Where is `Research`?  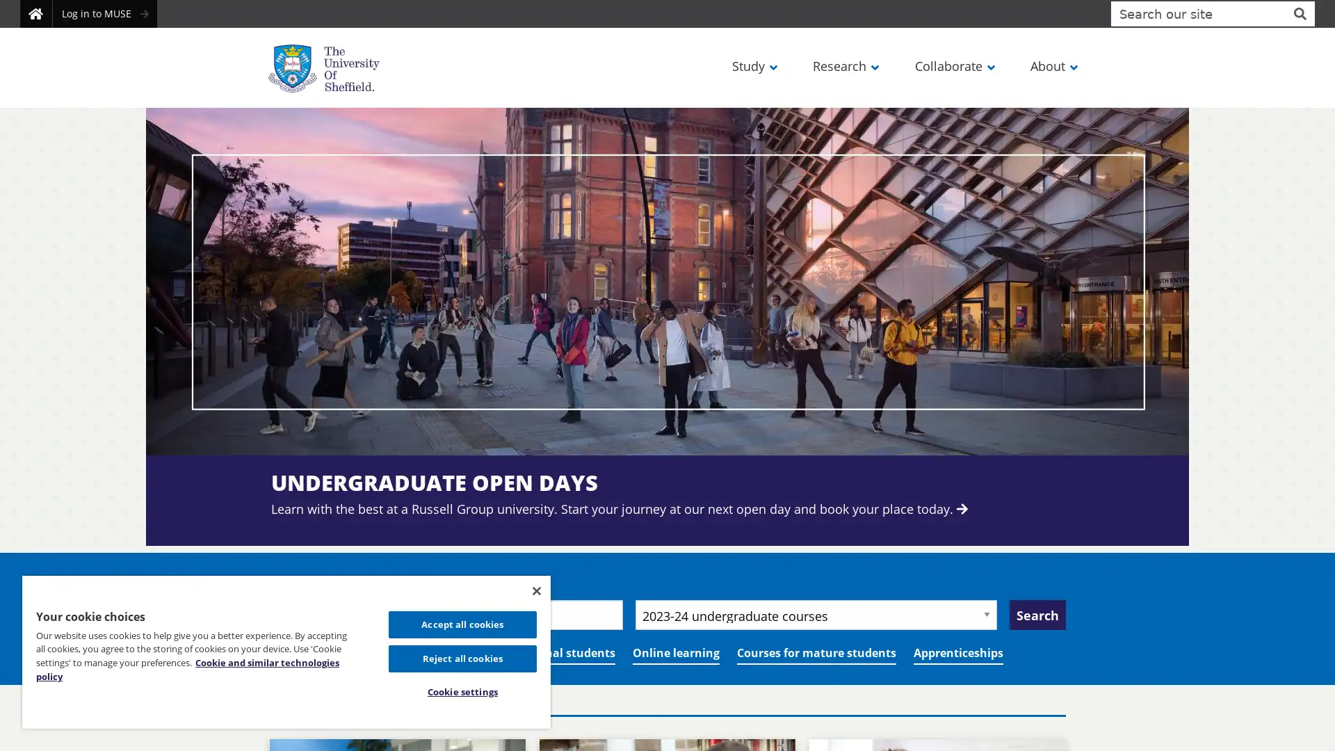
Research is located at coordinates (843, 65).